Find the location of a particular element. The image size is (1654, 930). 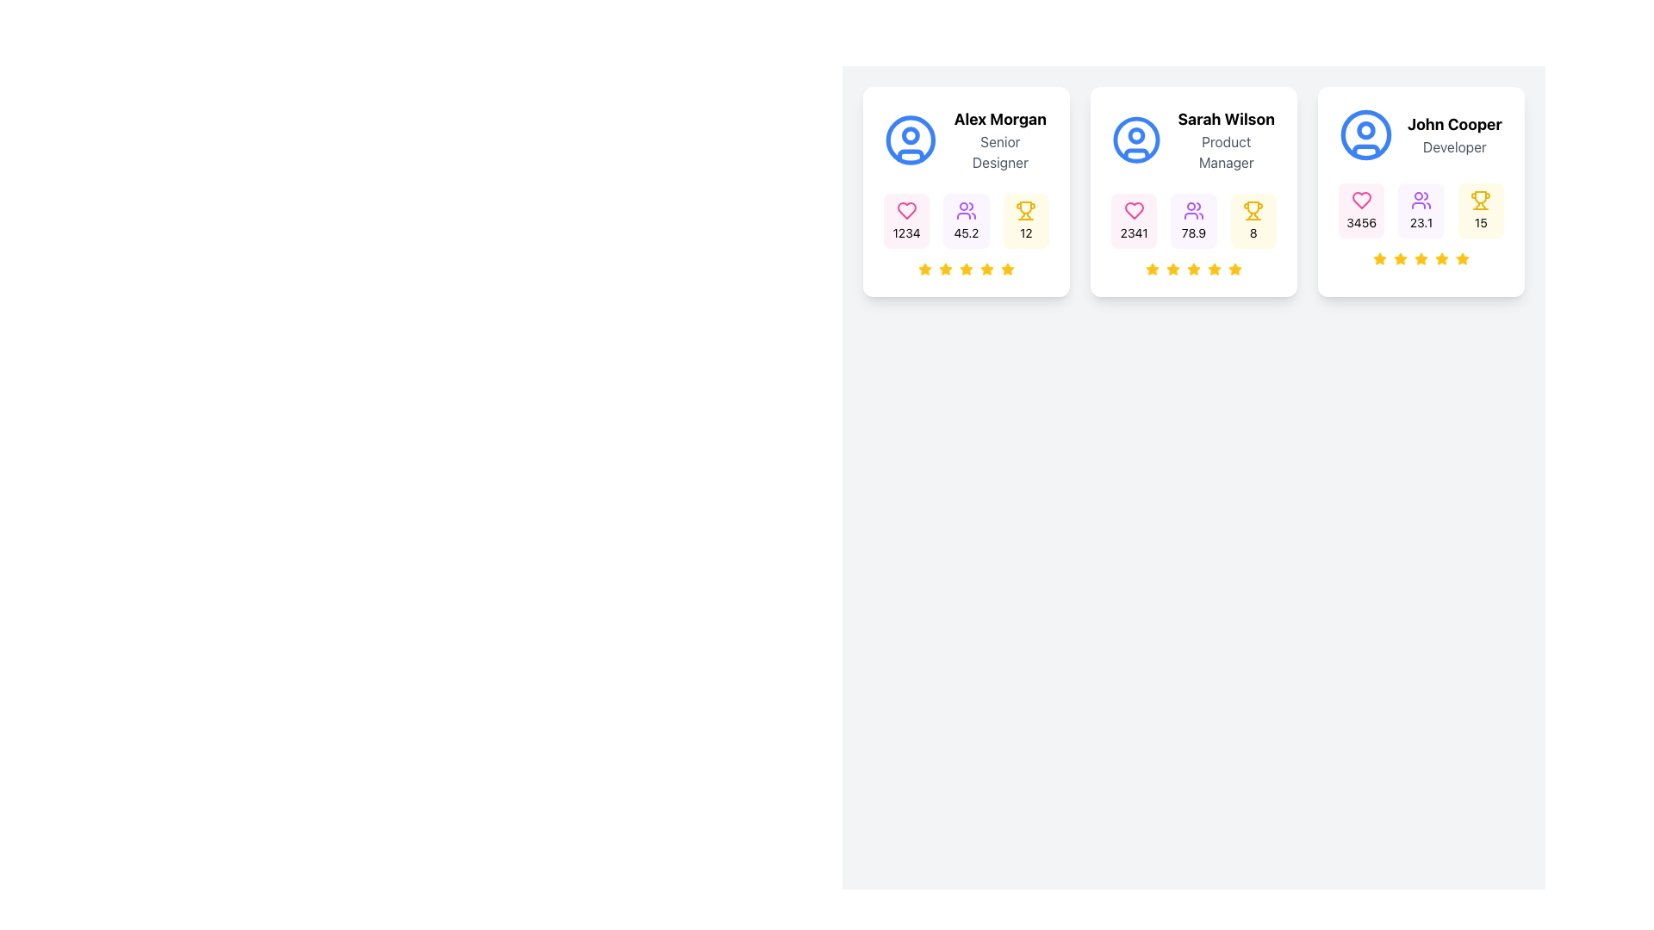

the static text label displaying 'Sarah Wilson' in bold, located at the top section of the second card from the left is located at coordinates (1225, 118).